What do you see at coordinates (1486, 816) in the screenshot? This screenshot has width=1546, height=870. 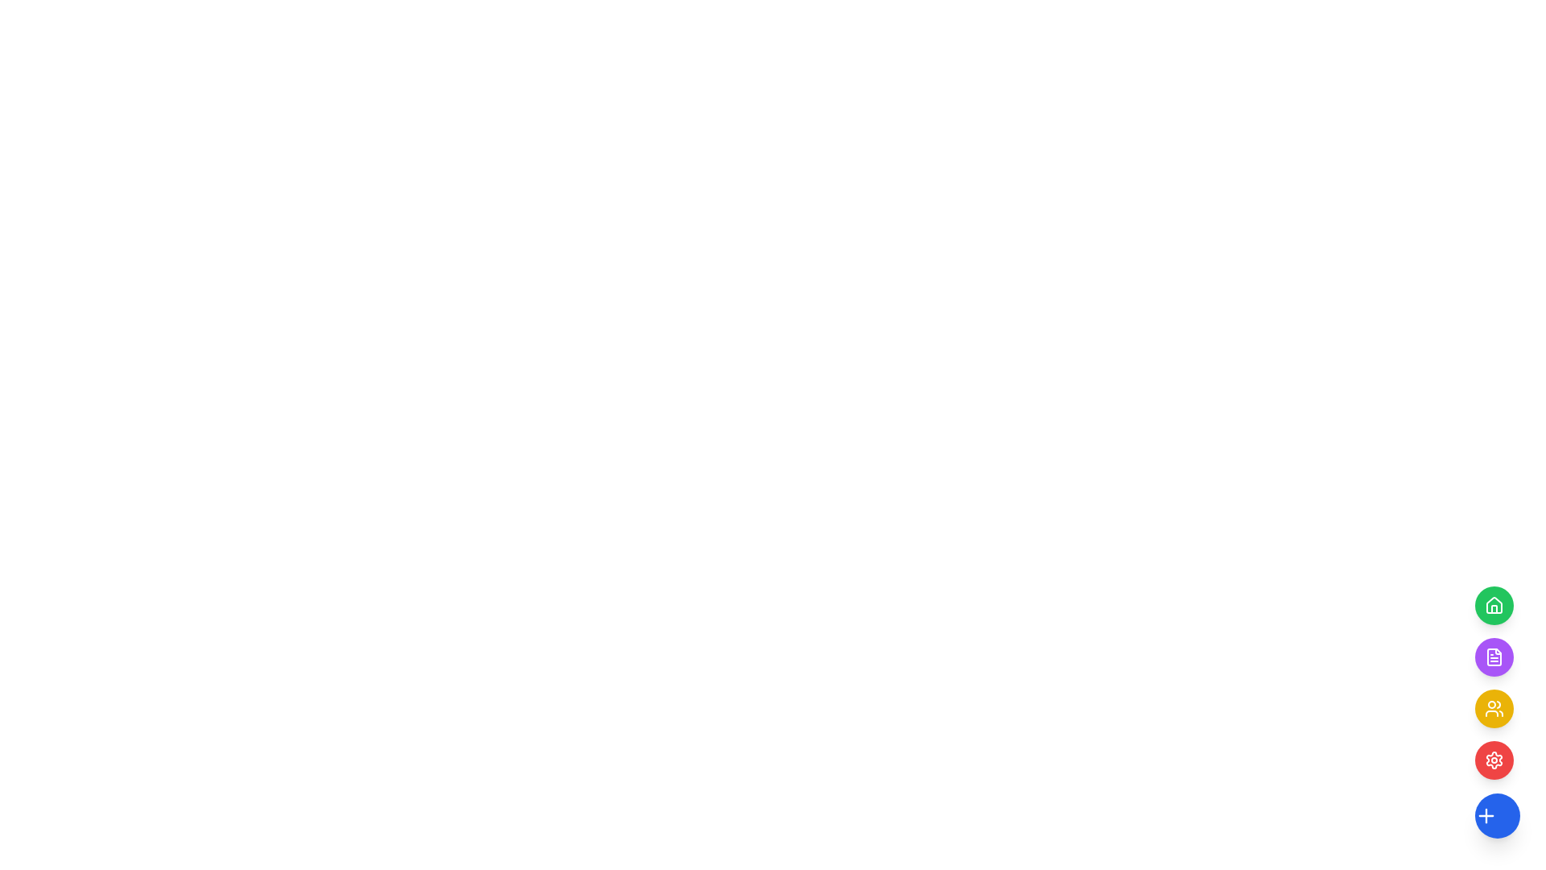 I see `the blue circular icon with a white plus symbol at its center, located at the bottom of a vertical stack of circular icons on the right side of the user interface` at bounding box center [1486, 816].